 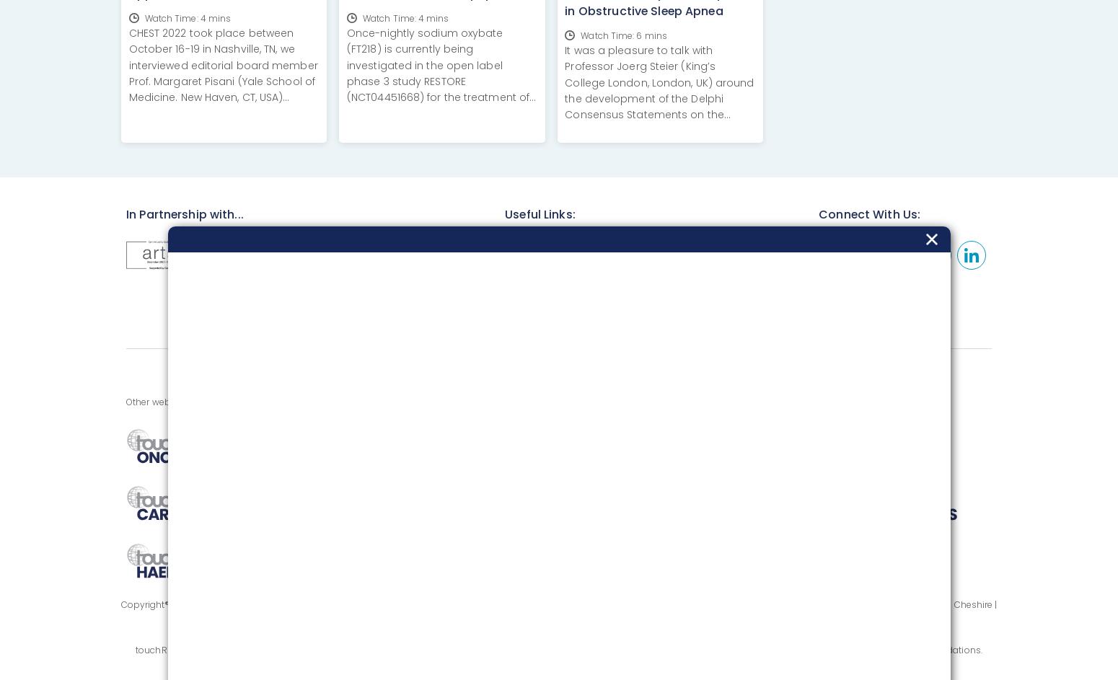 What do you see at coordinates (684, 280) in the screenshot?
I see `'Terms & Conditions'` at bounding box center [684, 280].